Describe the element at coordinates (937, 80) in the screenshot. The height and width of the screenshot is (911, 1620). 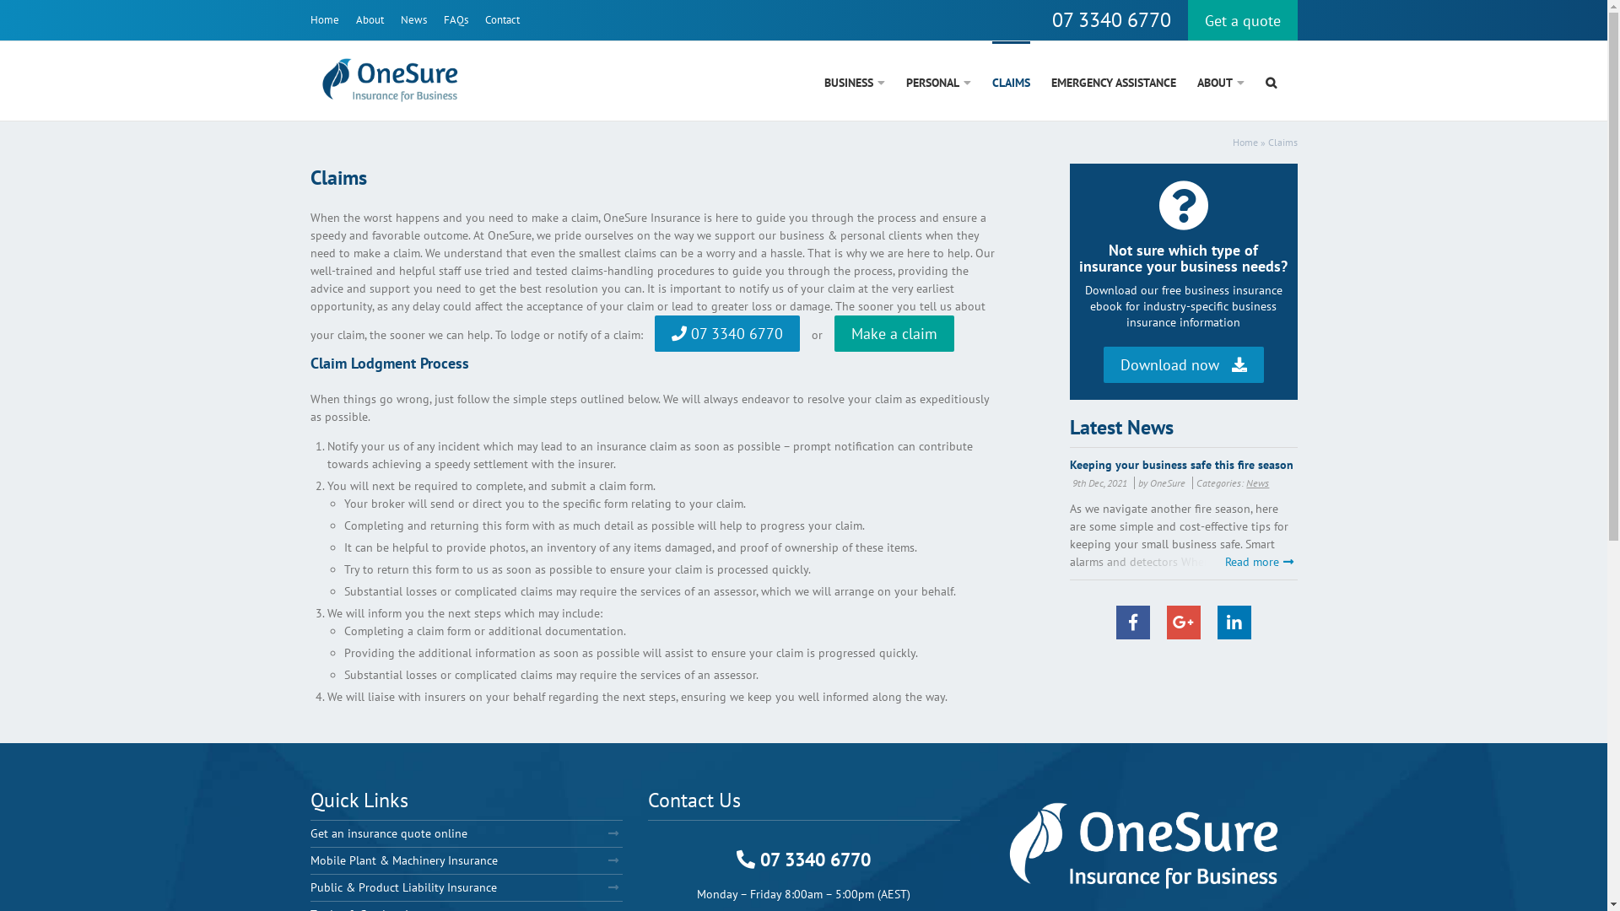
I see `'PERSONAL'` at that location.